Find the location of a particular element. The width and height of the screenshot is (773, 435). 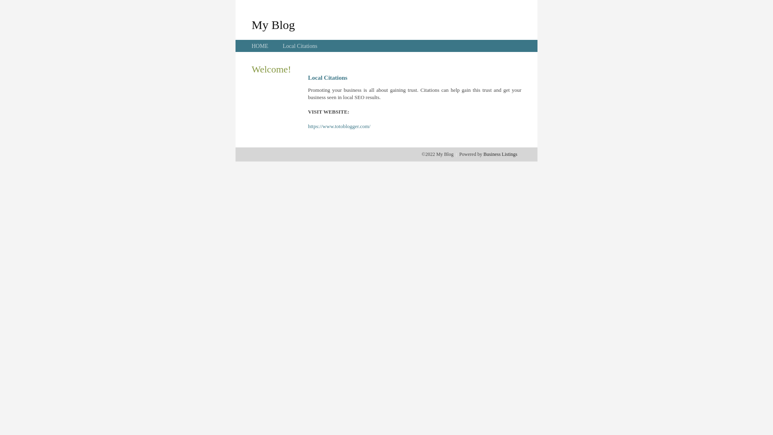

'My Blog' is located at coordinates (273, 24).